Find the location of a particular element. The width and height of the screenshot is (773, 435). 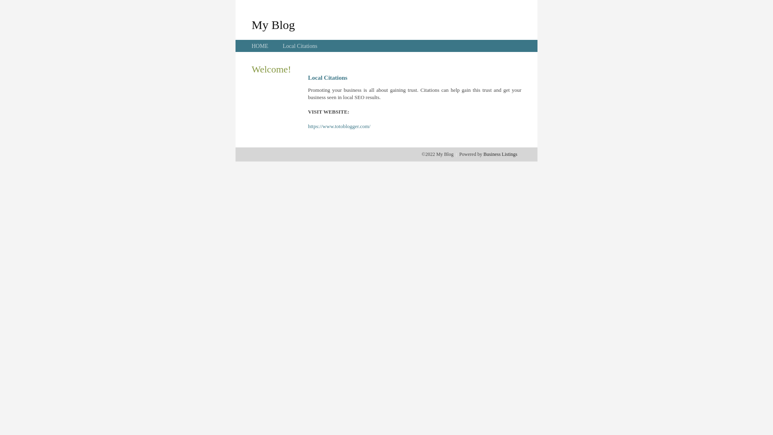

'My Blog' is located at coordinates (273, 24).